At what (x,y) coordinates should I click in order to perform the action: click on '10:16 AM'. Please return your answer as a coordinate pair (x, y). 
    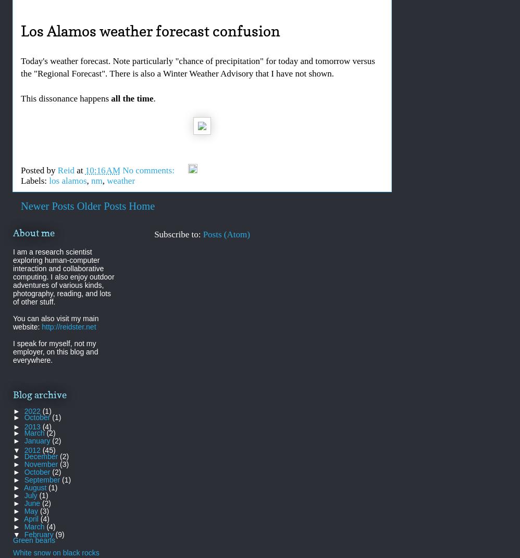
    Looking at the image, I should click on (102, 170).